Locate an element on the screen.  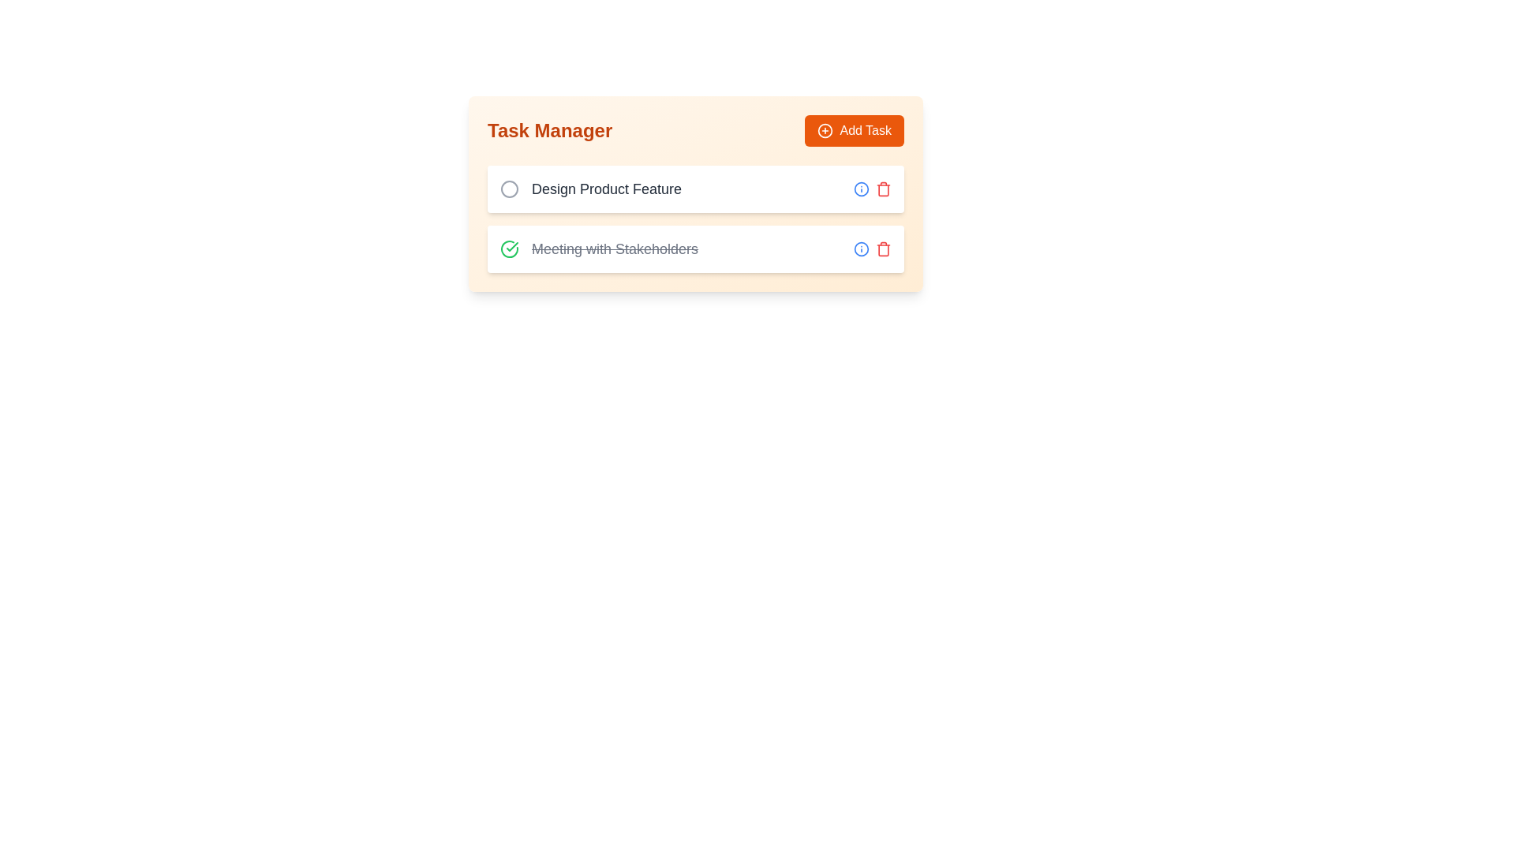
the circular status indicator located prominently next to the text 'Design Product Feature' is located at coordinates (510, 188).